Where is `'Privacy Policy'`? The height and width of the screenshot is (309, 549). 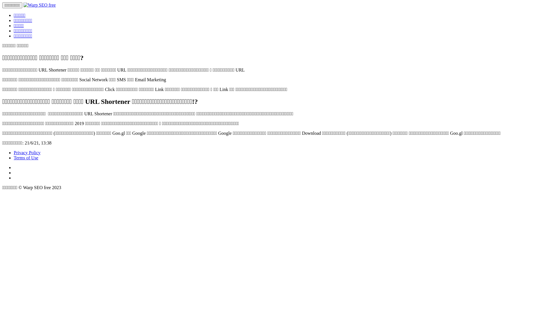
'Privacy Policy' is located at coordinates (14, 152).